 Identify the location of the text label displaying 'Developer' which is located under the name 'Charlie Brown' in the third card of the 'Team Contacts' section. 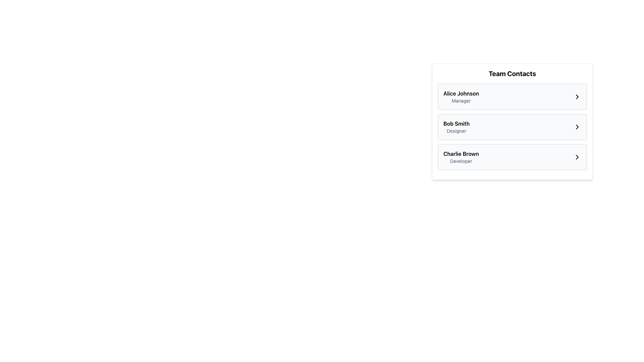
(461, 161).